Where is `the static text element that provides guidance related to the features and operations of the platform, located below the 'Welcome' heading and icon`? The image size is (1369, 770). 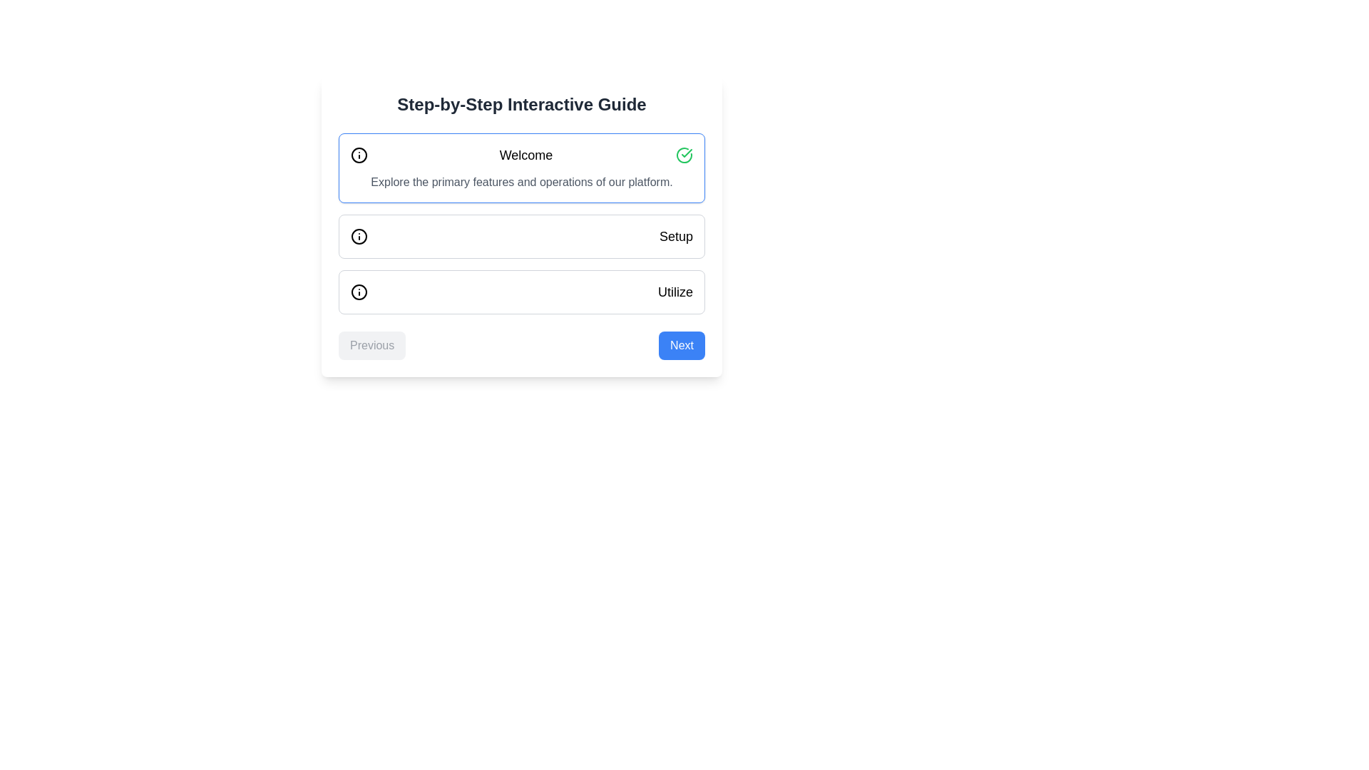
the static text element that provides guidance related to the features and operations of the platform, located below the 'Welcome' heading and icon is located at coordinates (521, 181).